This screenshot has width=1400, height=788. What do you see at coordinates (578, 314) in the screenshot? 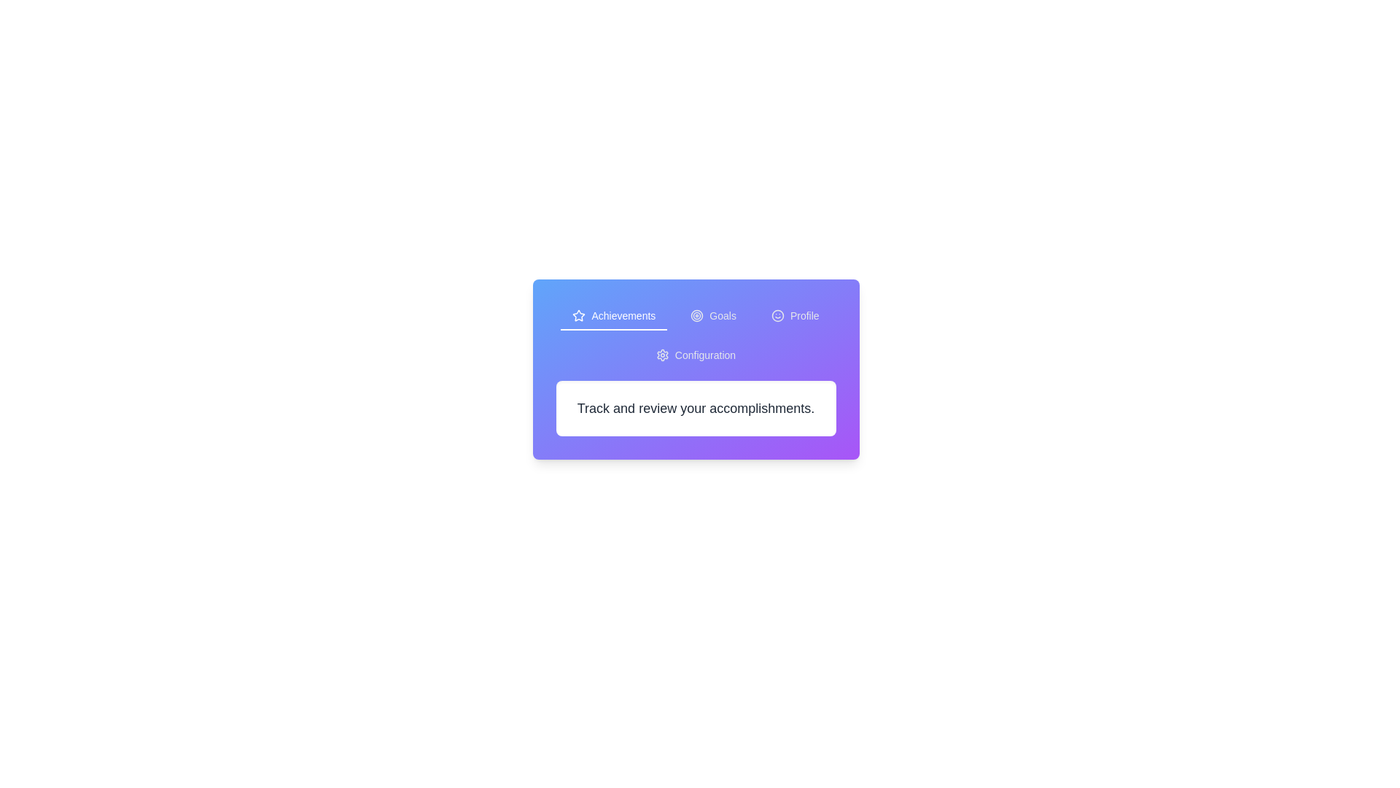
I see `the icon associated with the Achievements tab to verify its functionality` at bounding box center [578, 314].